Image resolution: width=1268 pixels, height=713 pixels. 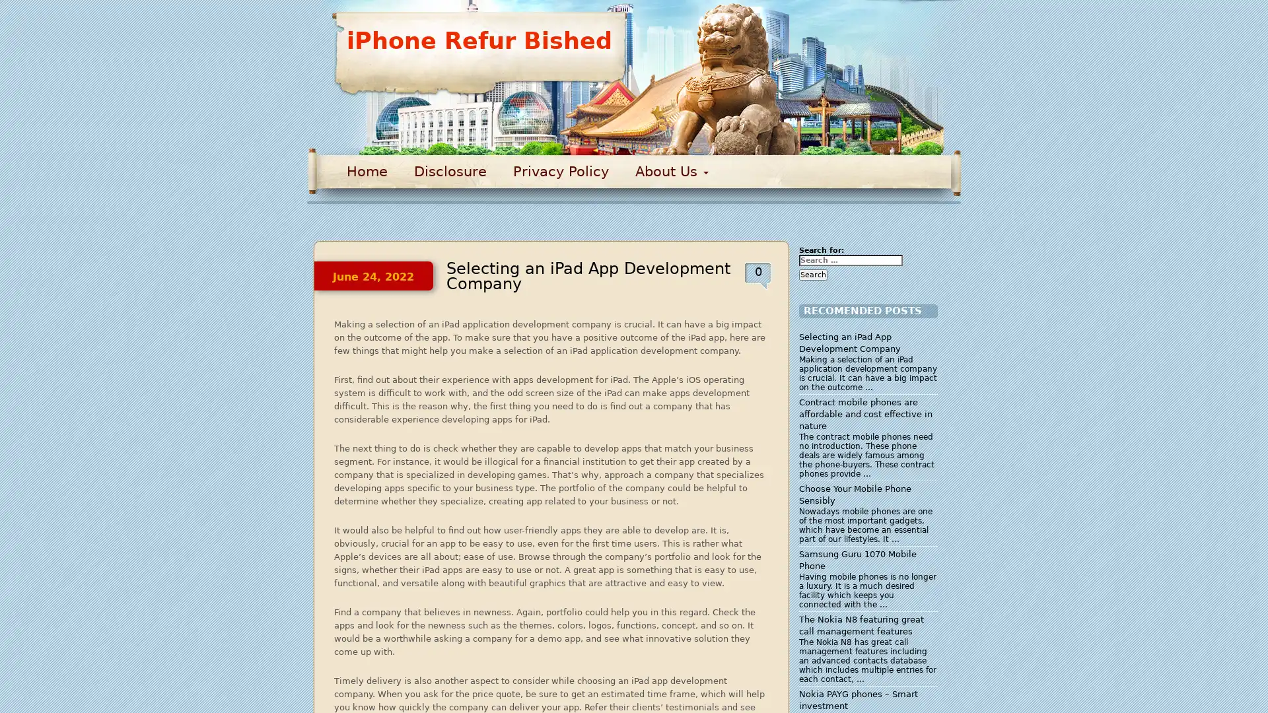 I want to click on Search, so click(x=812, y=274).